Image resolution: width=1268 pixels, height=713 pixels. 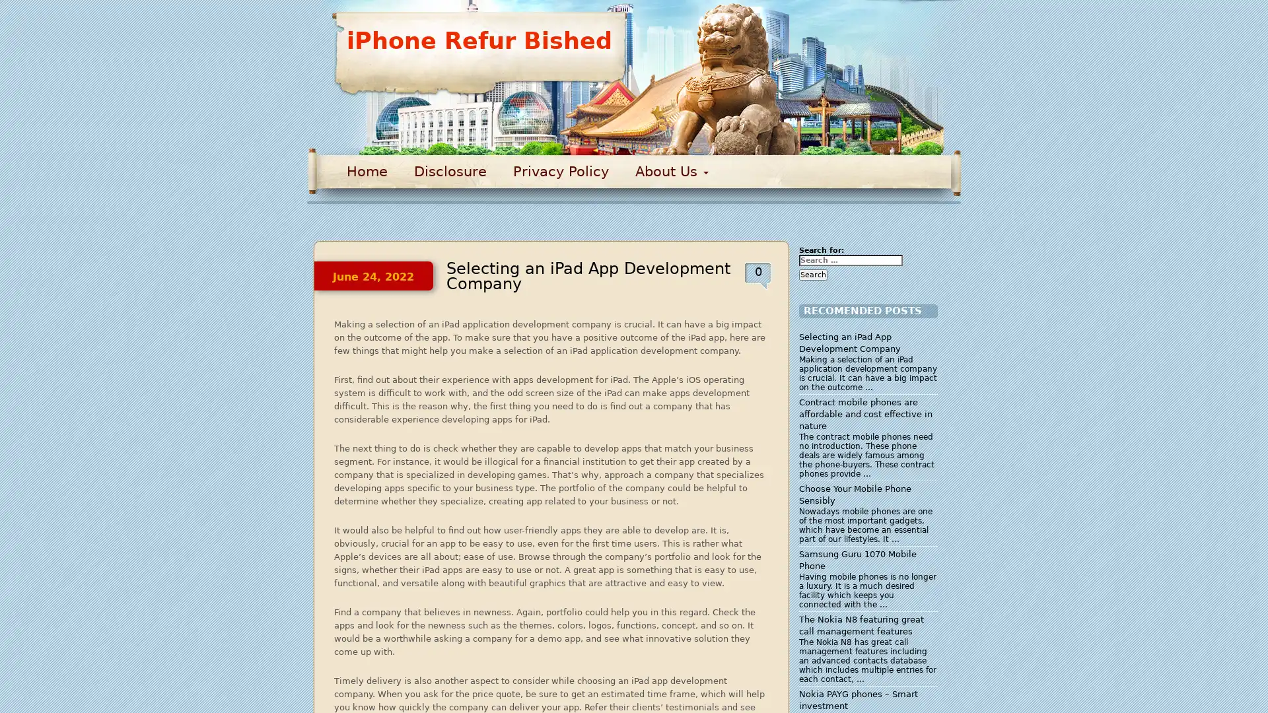 I want to click on Search, so click(x=812, y=274).